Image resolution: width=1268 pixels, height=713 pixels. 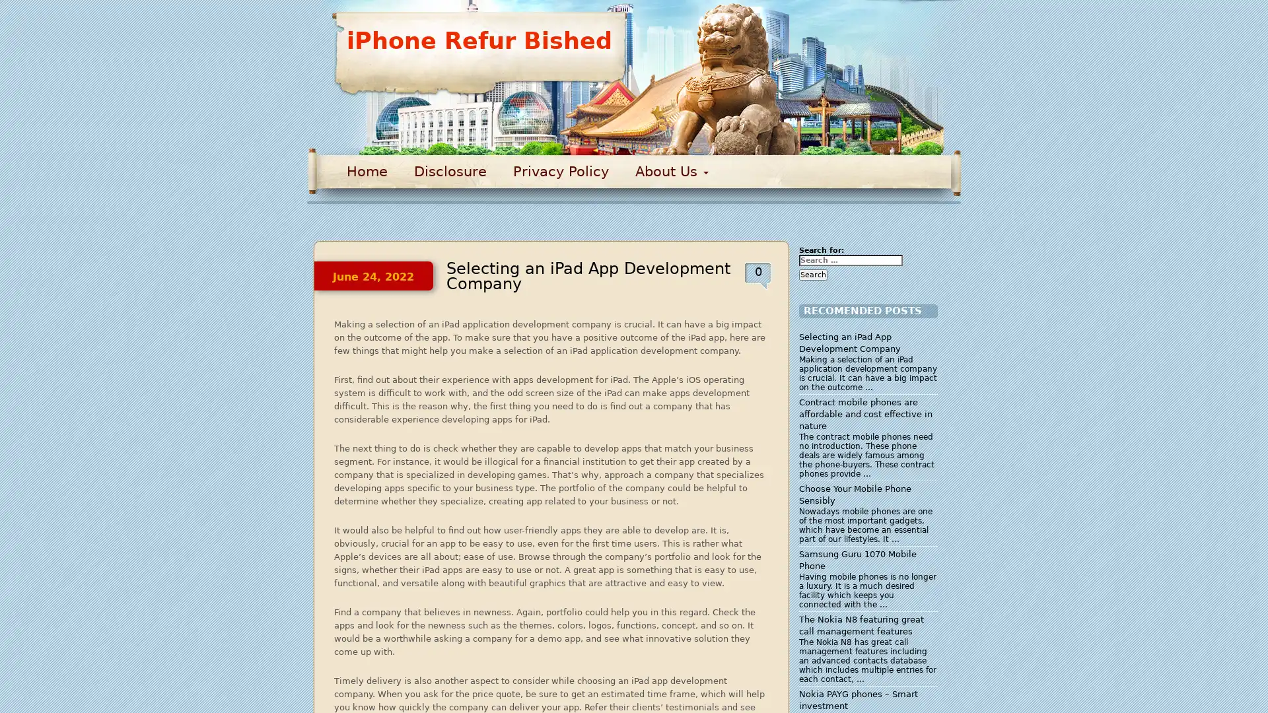 I want to click on Search, so click(x=812, y=274).